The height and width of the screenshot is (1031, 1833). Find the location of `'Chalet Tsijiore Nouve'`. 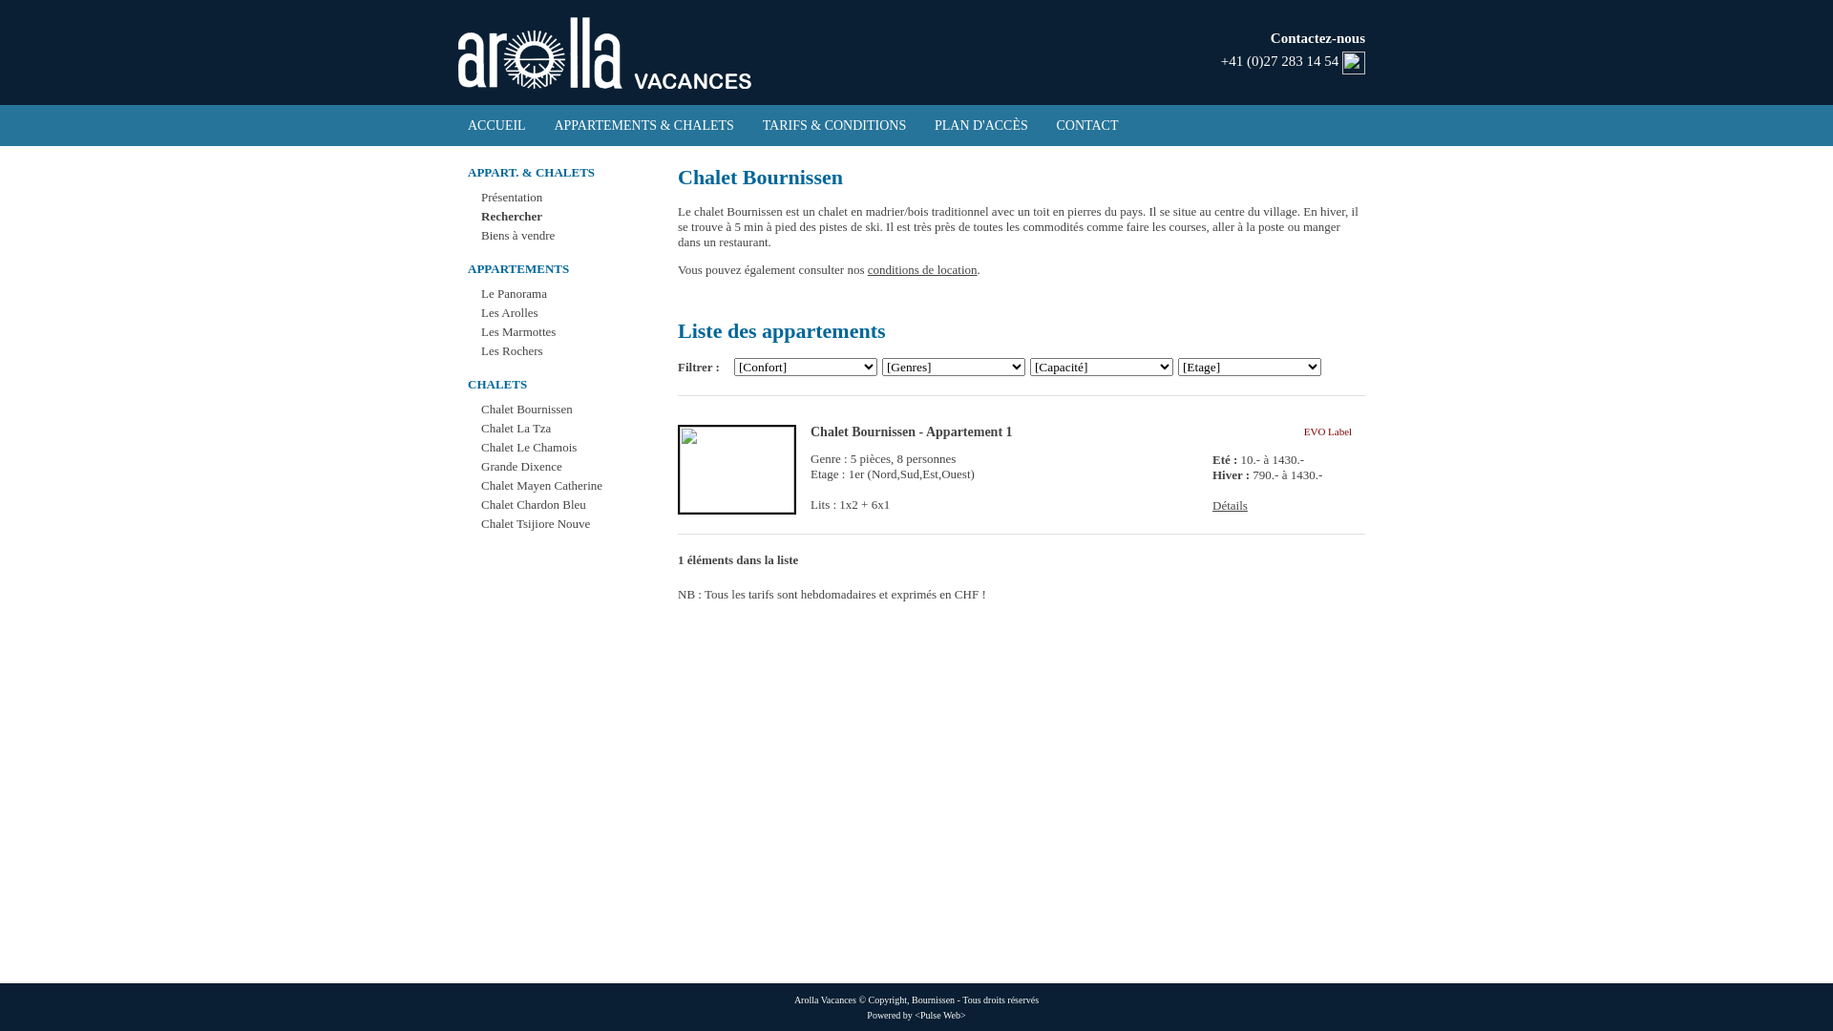

'Chalet Tsijiore Nouve' is located at coordinates (481, 523).